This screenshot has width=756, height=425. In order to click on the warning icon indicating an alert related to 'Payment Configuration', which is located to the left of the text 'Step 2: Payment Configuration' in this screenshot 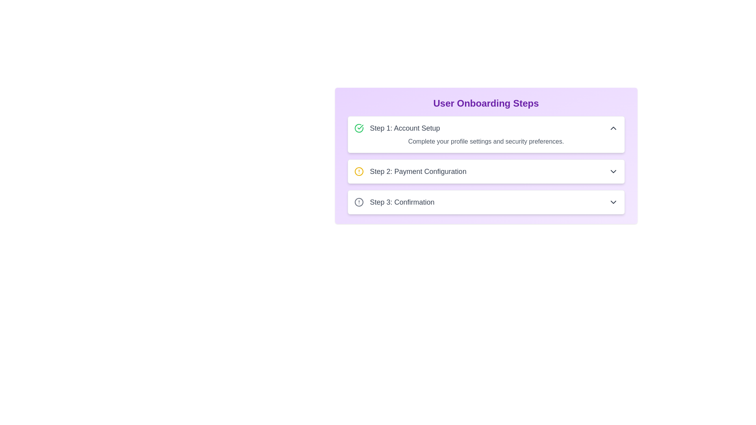, I will do `click(358, 171)`.